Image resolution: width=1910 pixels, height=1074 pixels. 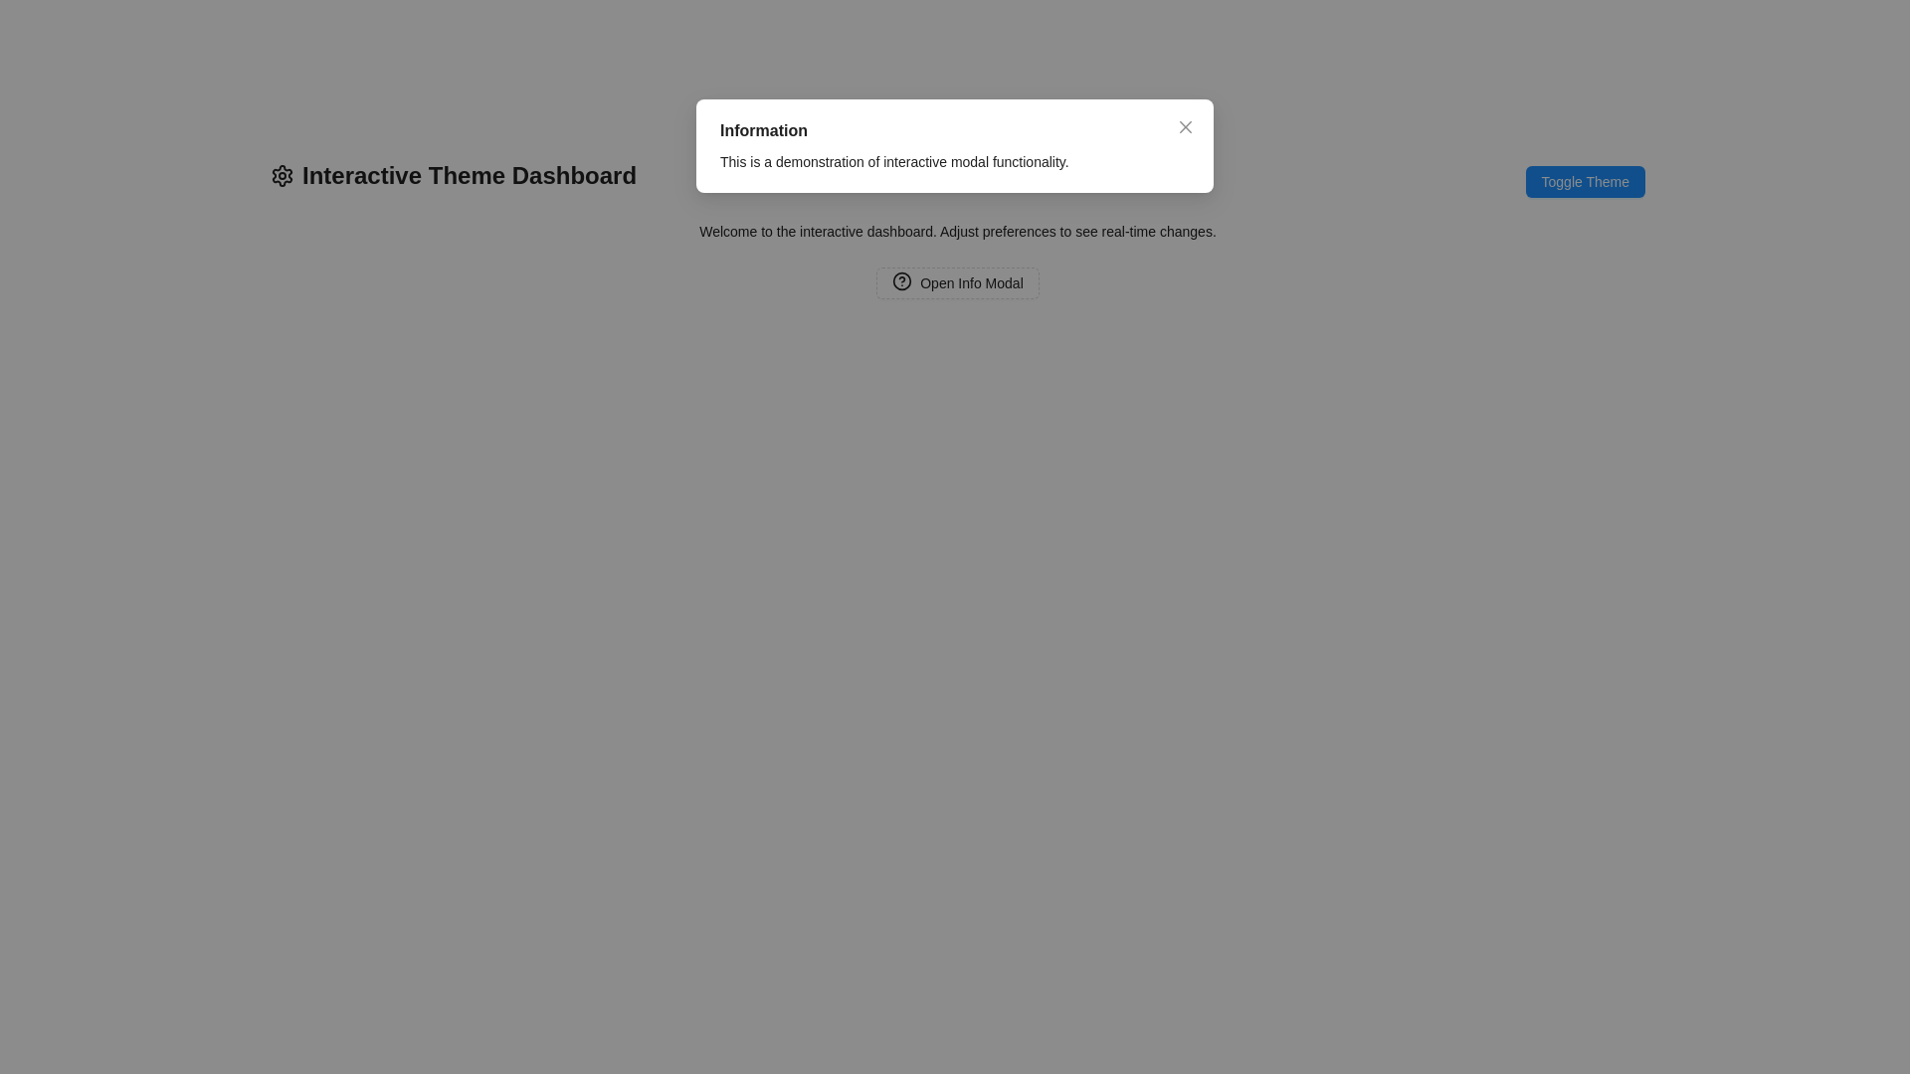 I want to click on the settings icon located to the left of the 'Interactive Theme Dashboard' text, so click(x=281, y=175).